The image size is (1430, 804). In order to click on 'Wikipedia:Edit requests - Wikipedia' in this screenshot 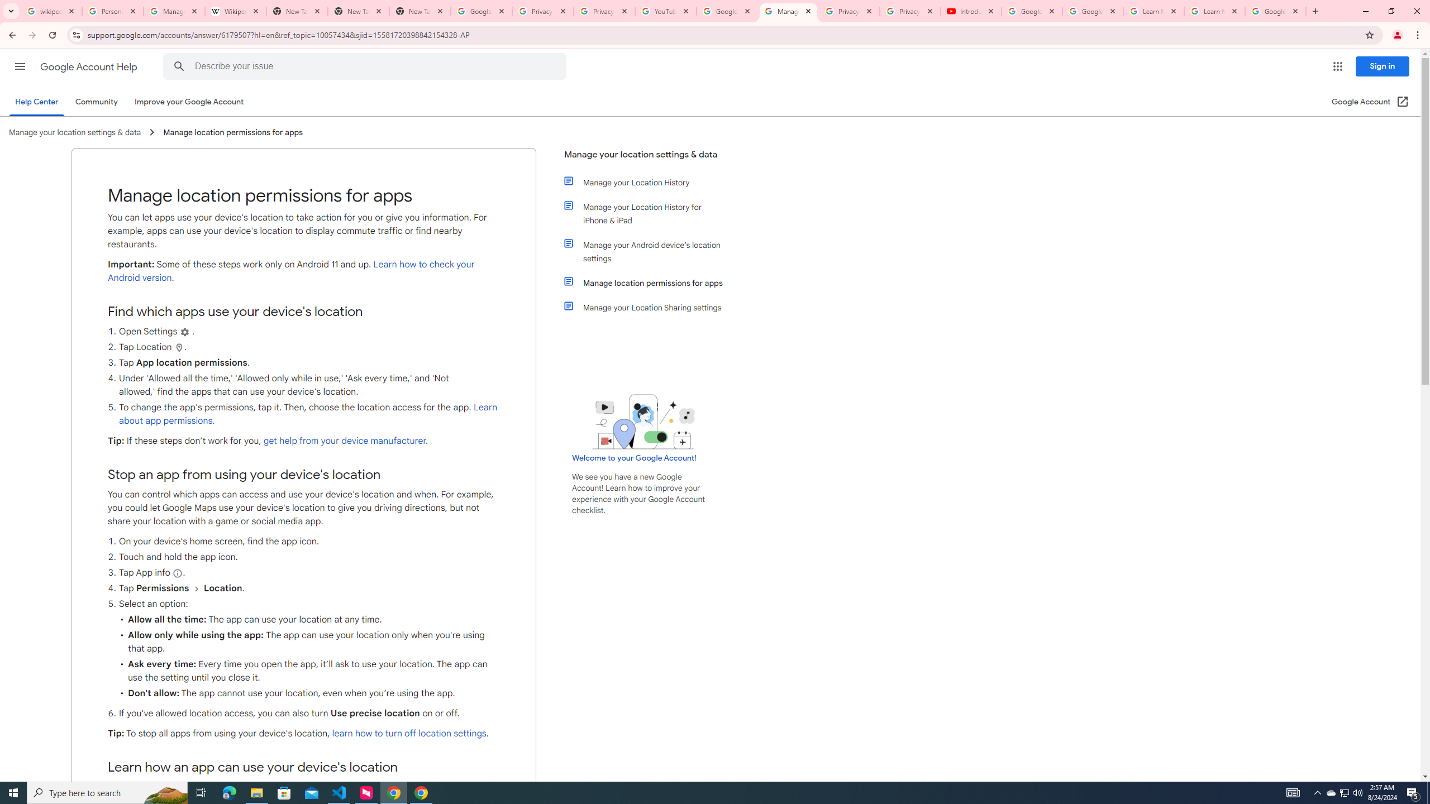, I will do `click(235, 11)`.